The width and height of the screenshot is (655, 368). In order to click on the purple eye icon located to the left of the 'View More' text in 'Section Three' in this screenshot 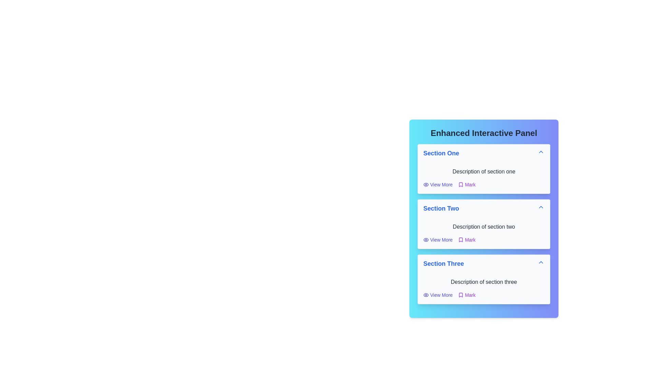, I will do `click(425, 295)`.